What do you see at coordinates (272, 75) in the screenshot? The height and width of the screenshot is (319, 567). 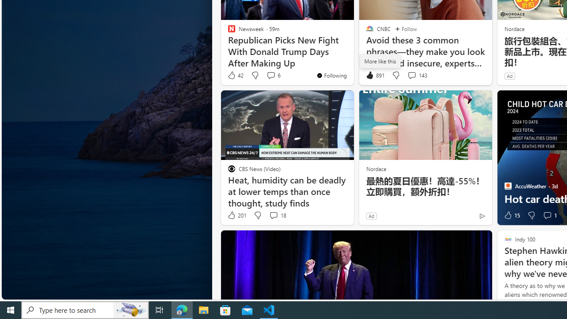 I see `'View comments 6 Comment'` at bounding box center [272, 75].